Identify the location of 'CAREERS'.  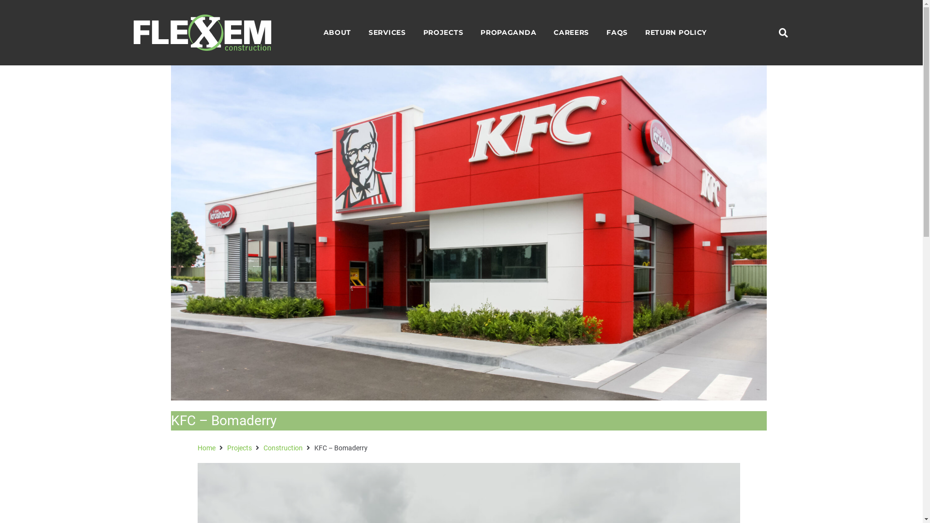
(571, 32).